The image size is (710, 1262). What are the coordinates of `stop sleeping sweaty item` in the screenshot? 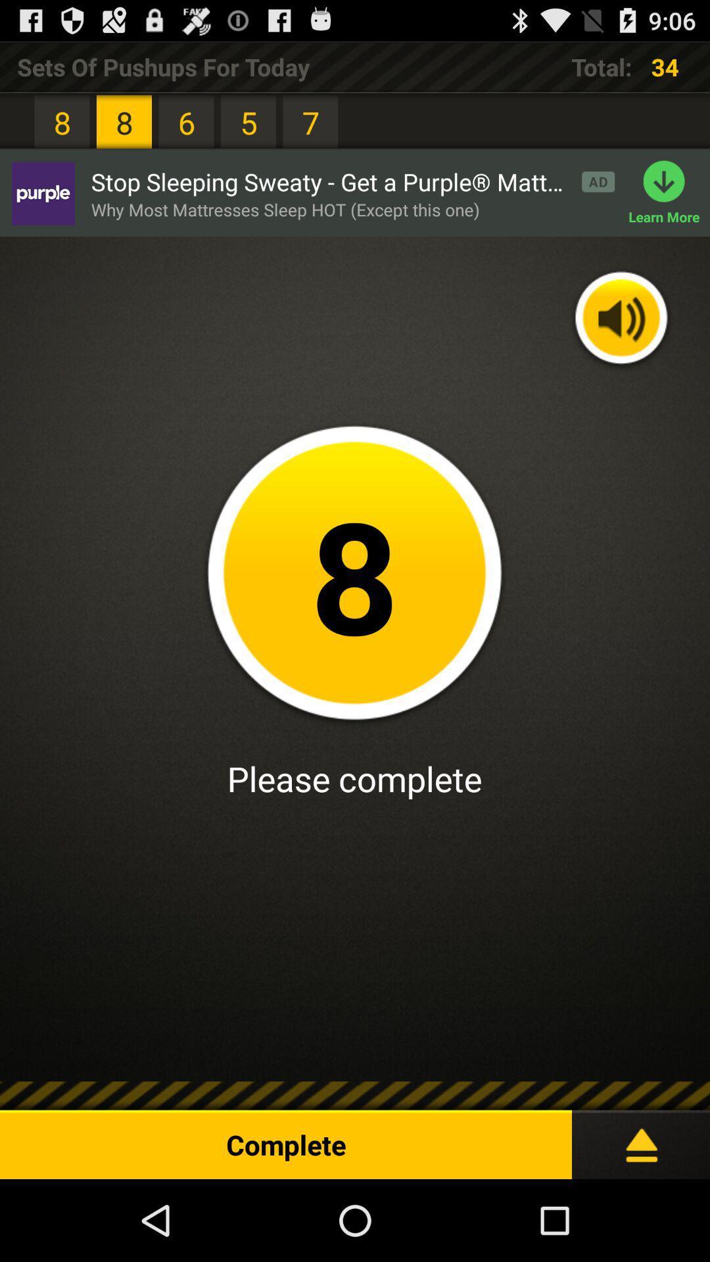 It's located at (352, 181).